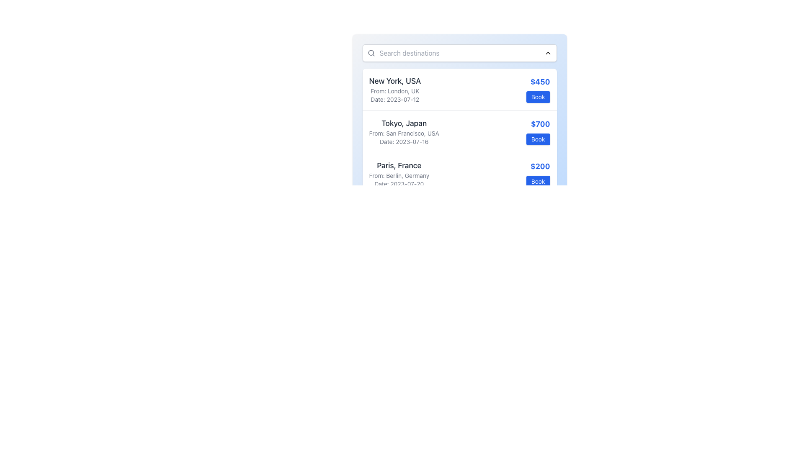  Describe the element at coordinates (394, 91) in the screenshot. I see `information displayed in the text label that shows 'From: London, UK', positioned below 'New York, USA' and above 'Date: 2023-07-12'` at that location.